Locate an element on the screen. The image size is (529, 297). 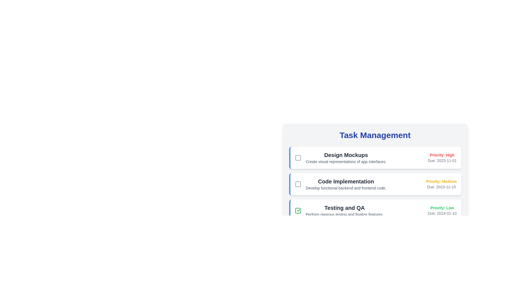
the static text label indicating the due date of the task associated with 'Code Implementation', which is located below the 'Priority: Medium' label is located at coordinates (441, 186).